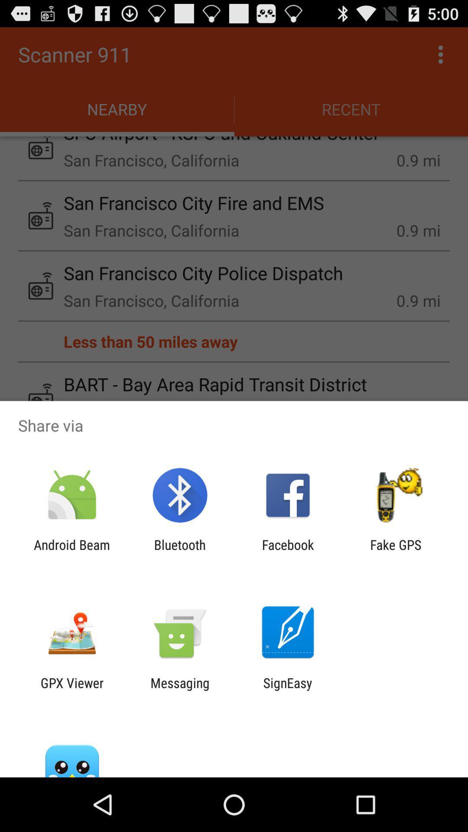  What do you see at coordinates (288, 552) in the screenshot?
I see `item next to fake gps item` at bounding box center [288, 552].